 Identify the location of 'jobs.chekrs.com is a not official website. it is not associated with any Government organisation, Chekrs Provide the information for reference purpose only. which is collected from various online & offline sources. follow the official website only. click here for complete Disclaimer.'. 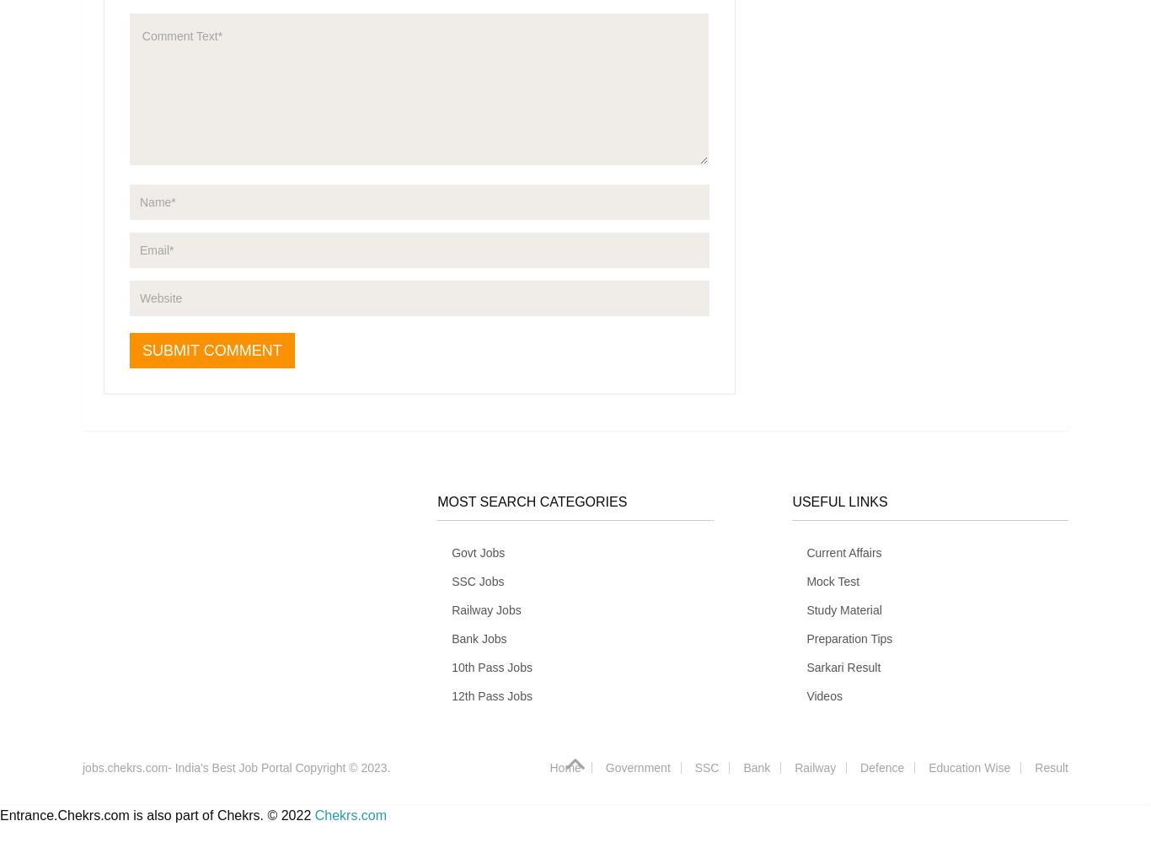
(232, 602).